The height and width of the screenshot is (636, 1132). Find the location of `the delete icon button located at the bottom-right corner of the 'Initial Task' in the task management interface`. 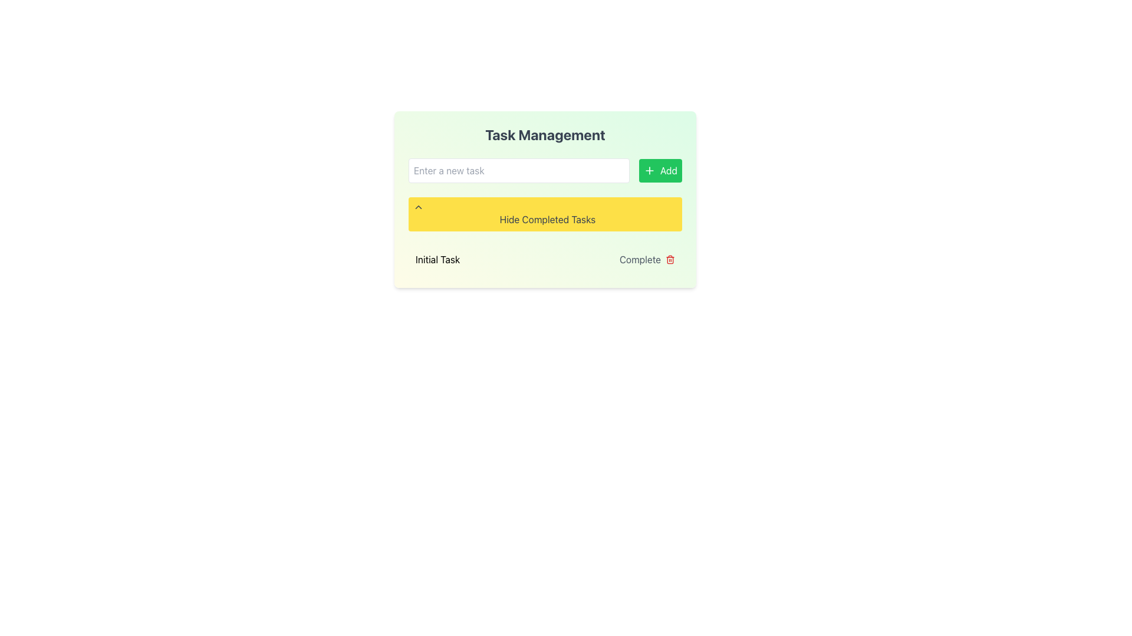

the delete icon button located at the bottom-right corner of the 'Initial Task' in the task management interface is located at coordinates (670, 259).